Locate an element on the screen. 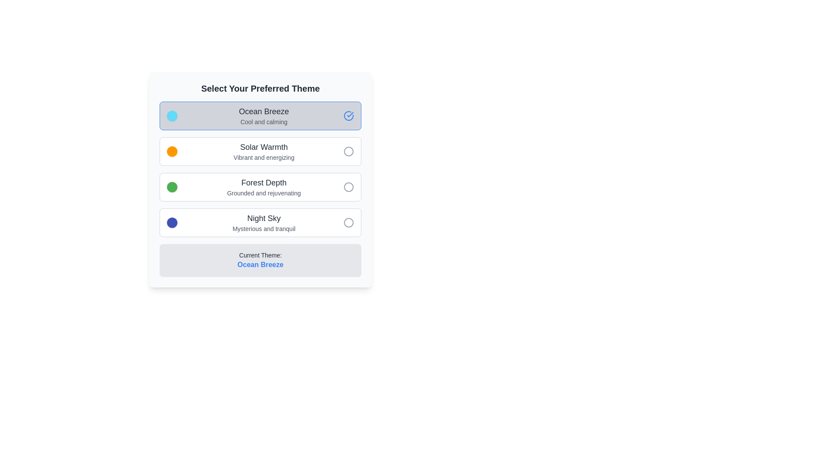  the 'Solar Warmth' text label, which is the second clickable list item in the theme selection component, located below 'Ocean Breeze' is located at coordinates (263, 151).